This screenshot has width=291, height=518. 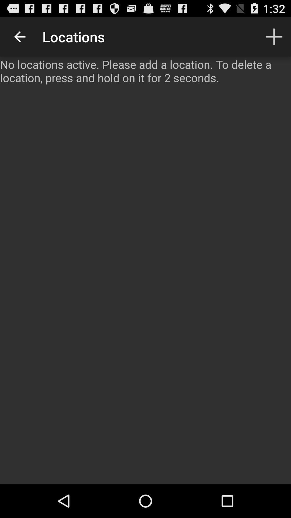 What do you see at coordinates (19, 36) in the screenshot?
I see `item above the no locations active` at bounding box center [19, 36].